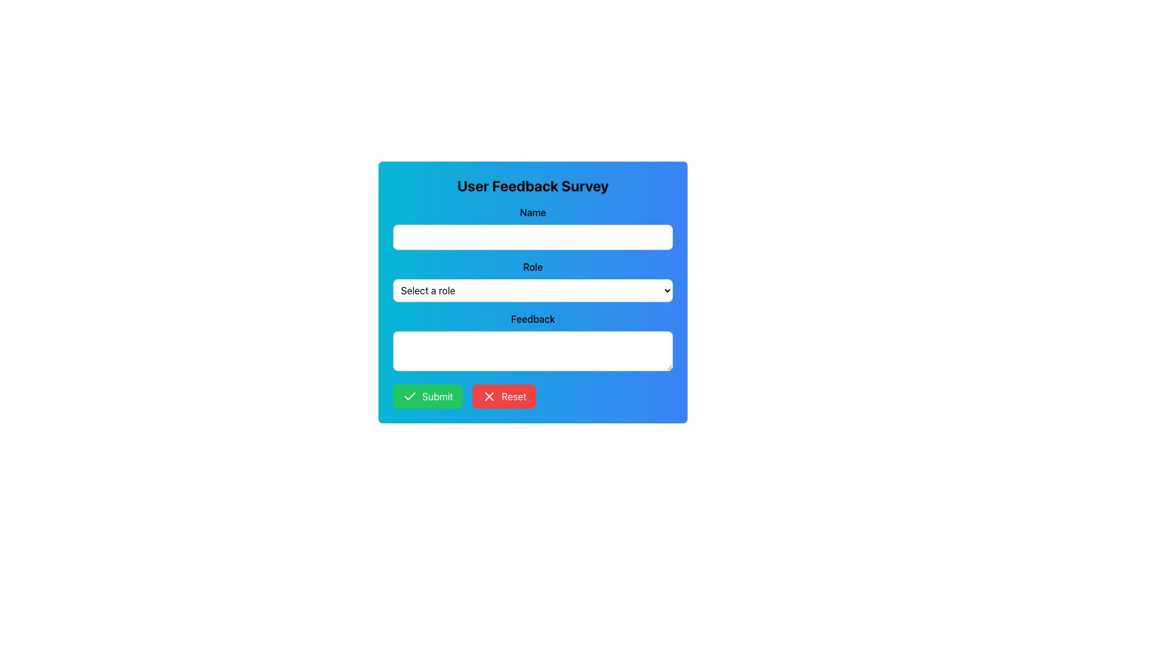  Describe the element at coordinates (489, 397) in the screenshot. I see `the close icon located inside the user feedback form, adjacent to the 'Reset' button` at that location.